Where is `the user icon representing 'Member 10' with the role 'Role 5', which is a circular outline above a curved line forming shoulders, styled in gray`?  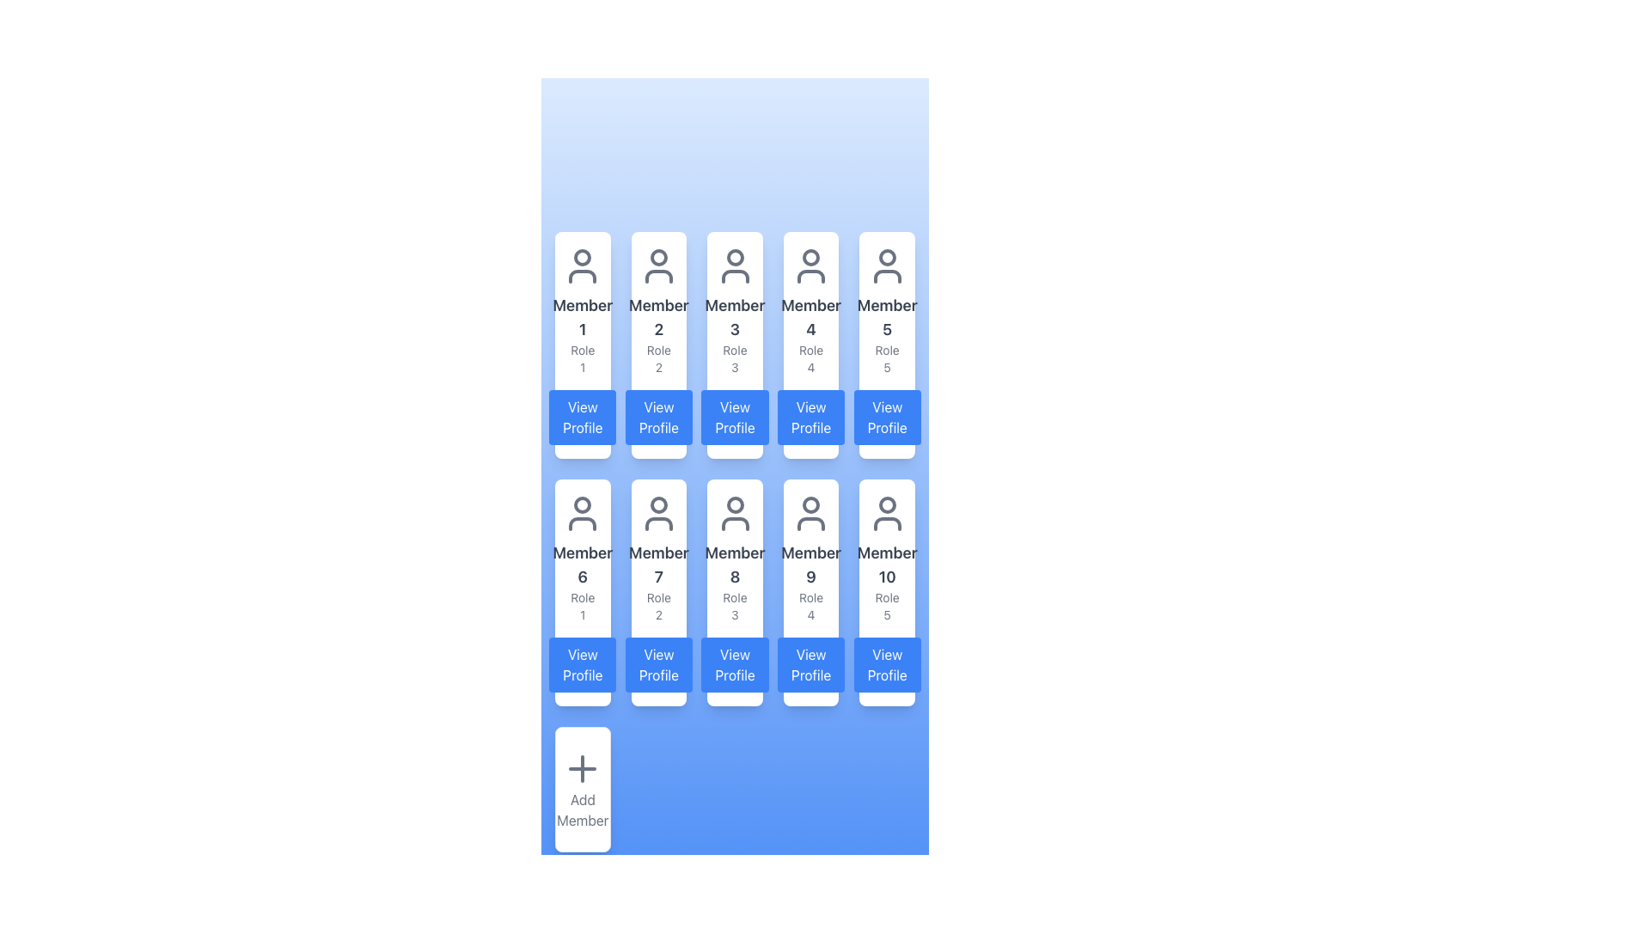
the user icon representing 'Member 10' with the role 'Role 5', which is a circular outline above a curved line forming shoulders, styled in gray is located at coordinates (887, 512).